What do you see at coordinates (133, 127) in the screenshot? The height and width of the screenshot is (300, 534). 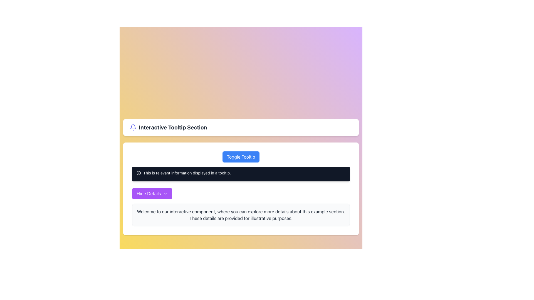 I see `the bell-shaped icon styled in light indigo, located in the header of the 'Interactive Tooltip Section'` at bounding box center [133, 127].